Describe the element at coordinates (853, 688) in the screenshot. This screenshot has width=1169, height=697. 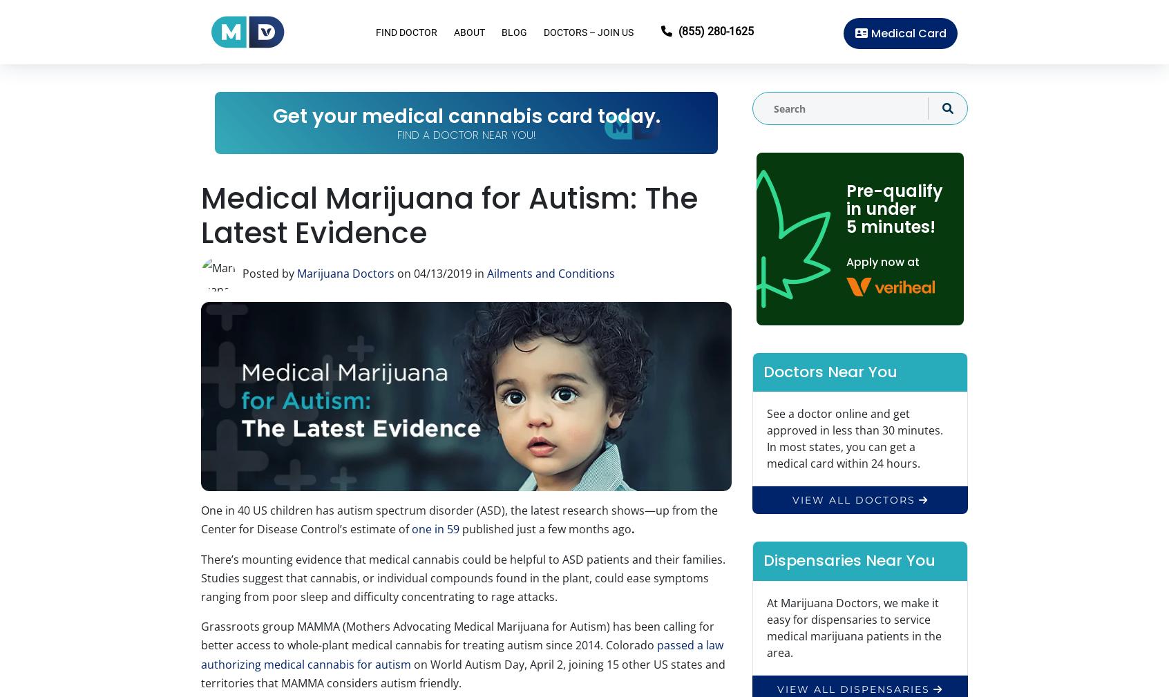
I see `'view all dispensaries'` at that location.